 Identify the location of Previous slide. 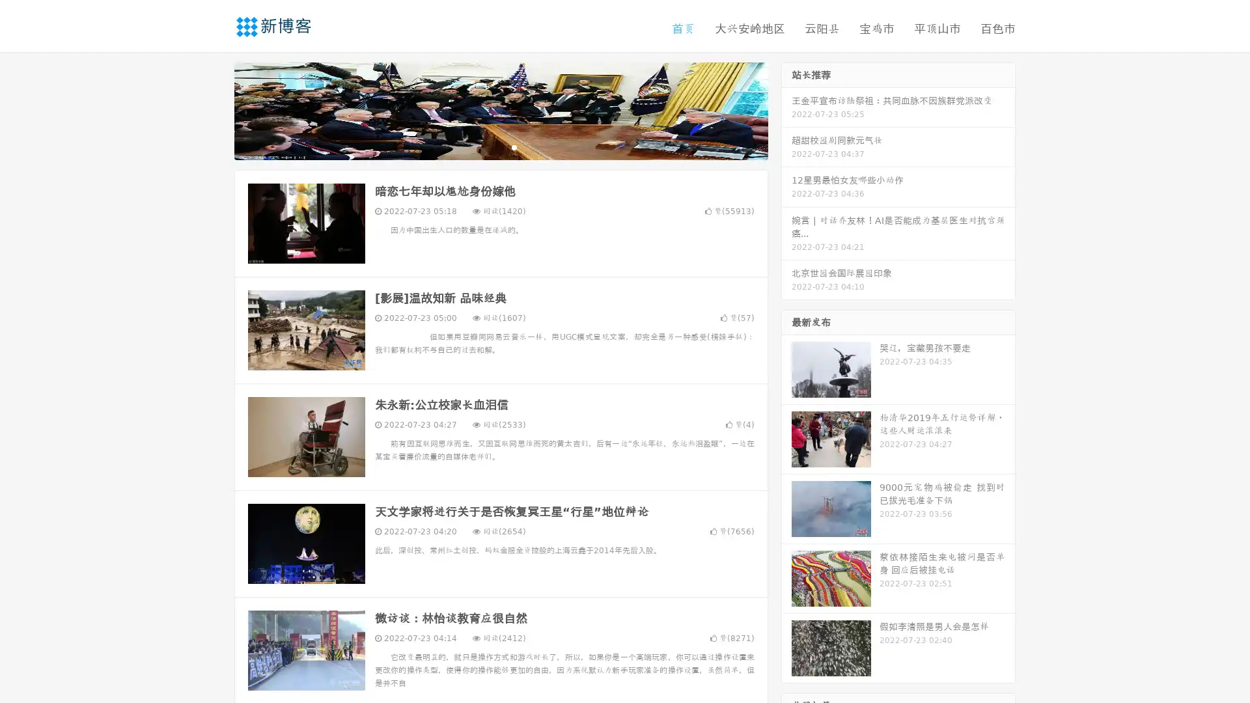
(215, 109).